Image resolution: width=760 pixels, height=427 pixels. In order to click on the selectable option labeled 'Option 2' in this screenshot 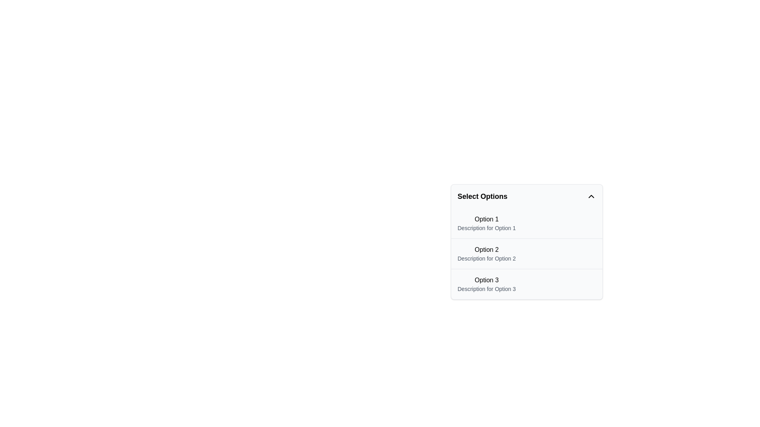, I will do `click(526, 242)`.